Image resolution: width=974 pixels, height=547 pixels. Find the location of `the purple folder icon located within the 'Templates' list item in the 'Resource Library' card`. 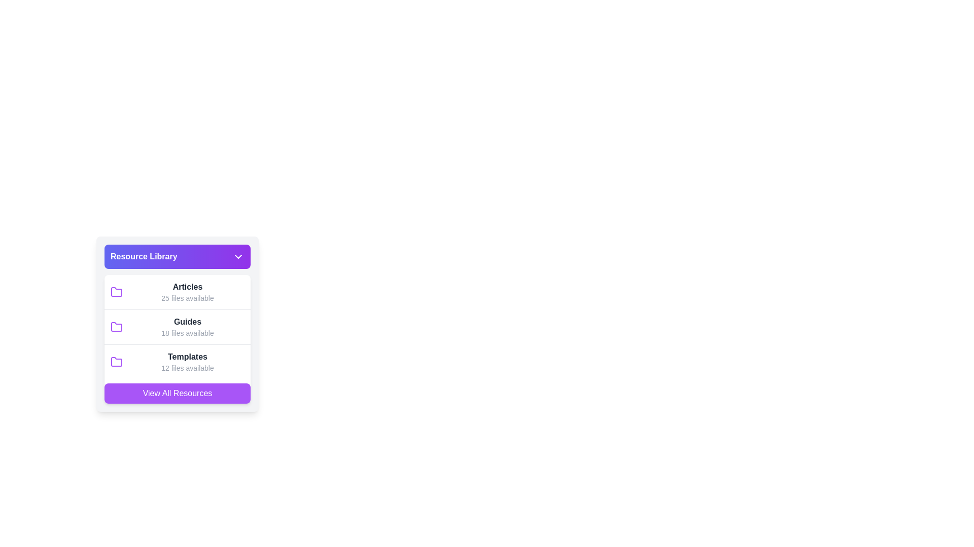

the purple folder icon located within the 'Templates' list item in the 'Resource Library' card is located at coordinates (117, 361).